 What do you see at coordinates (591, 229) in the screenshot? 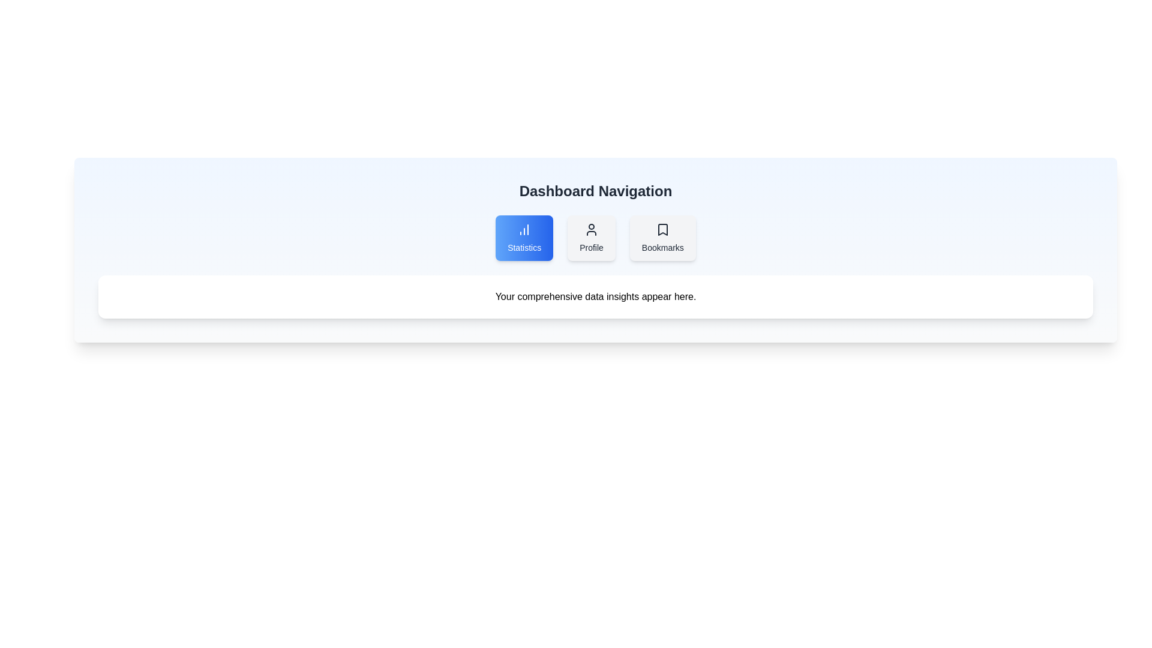
I see `the Profile icon, which is centrally located within the rectangular button labeled 'Profile' in the navigation bar beneath the title 'Dashboard Navigation'` at bounding box center [591, 229].